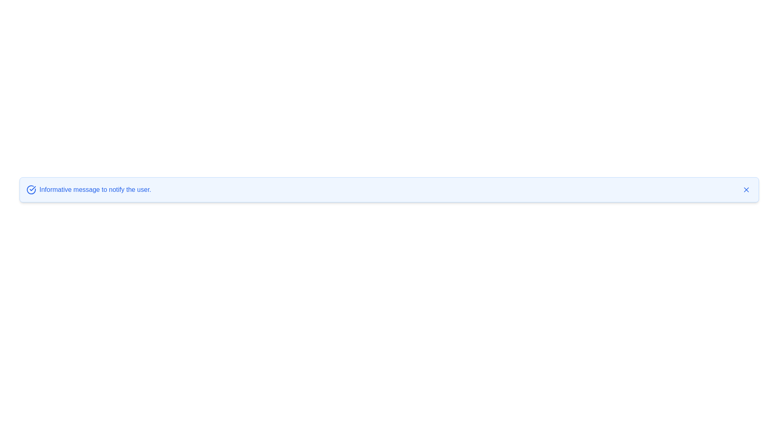 Image resolution: width=781 pixels, height=439 pixels. I want to click on the success icon located at the center of the circular SVG graphic group in the leftmost part of the notification-style banner, so click(33, 188).